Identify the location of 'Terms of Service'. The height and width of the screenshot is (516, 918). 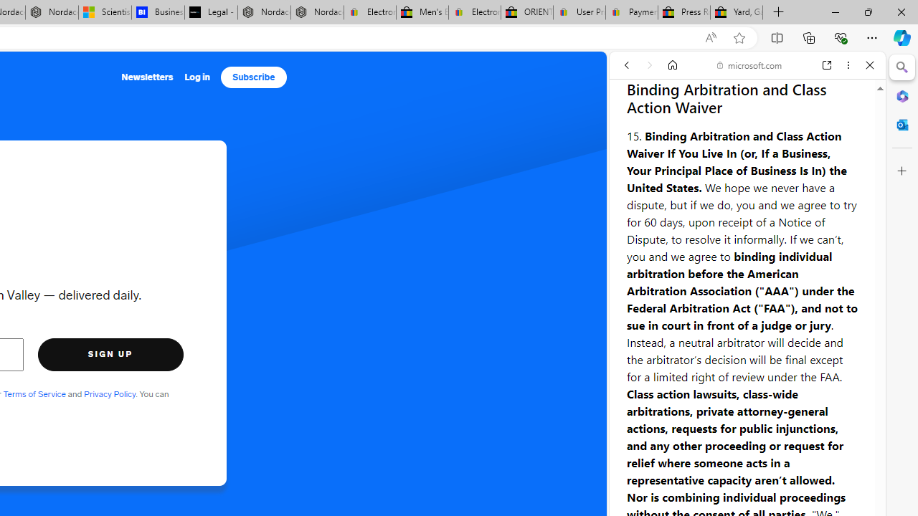
(34, 393).